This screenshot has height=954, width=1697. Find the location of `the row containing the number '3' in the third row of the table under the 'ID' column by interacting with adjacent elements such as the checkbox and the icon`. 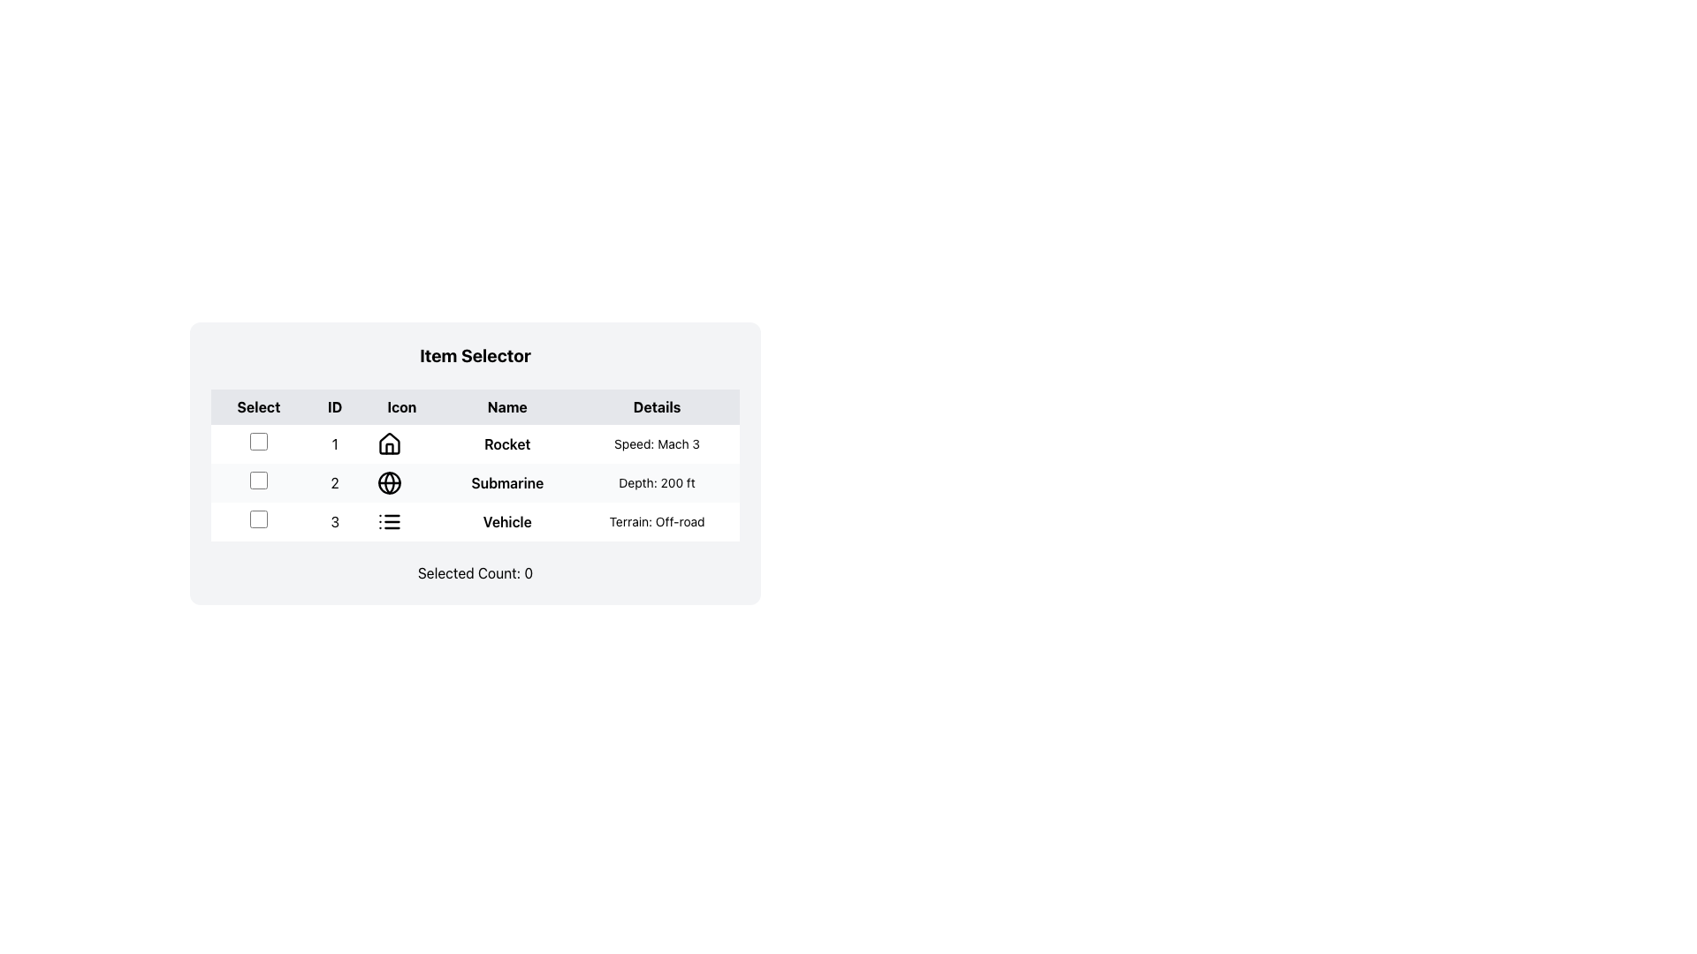

the row containing the number '3' in the third row of the table under the 'ID' column by interacting with adjacent elements such as the checkbox and the icon is located at coordinates (335, 520).